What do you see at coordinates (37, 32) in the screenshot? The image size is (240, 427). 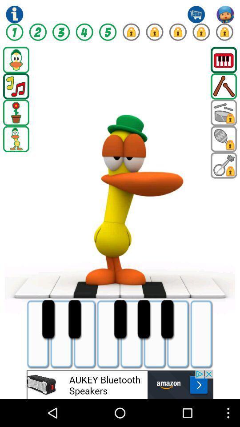 I see `item 2` at bounding box center [37, 32].